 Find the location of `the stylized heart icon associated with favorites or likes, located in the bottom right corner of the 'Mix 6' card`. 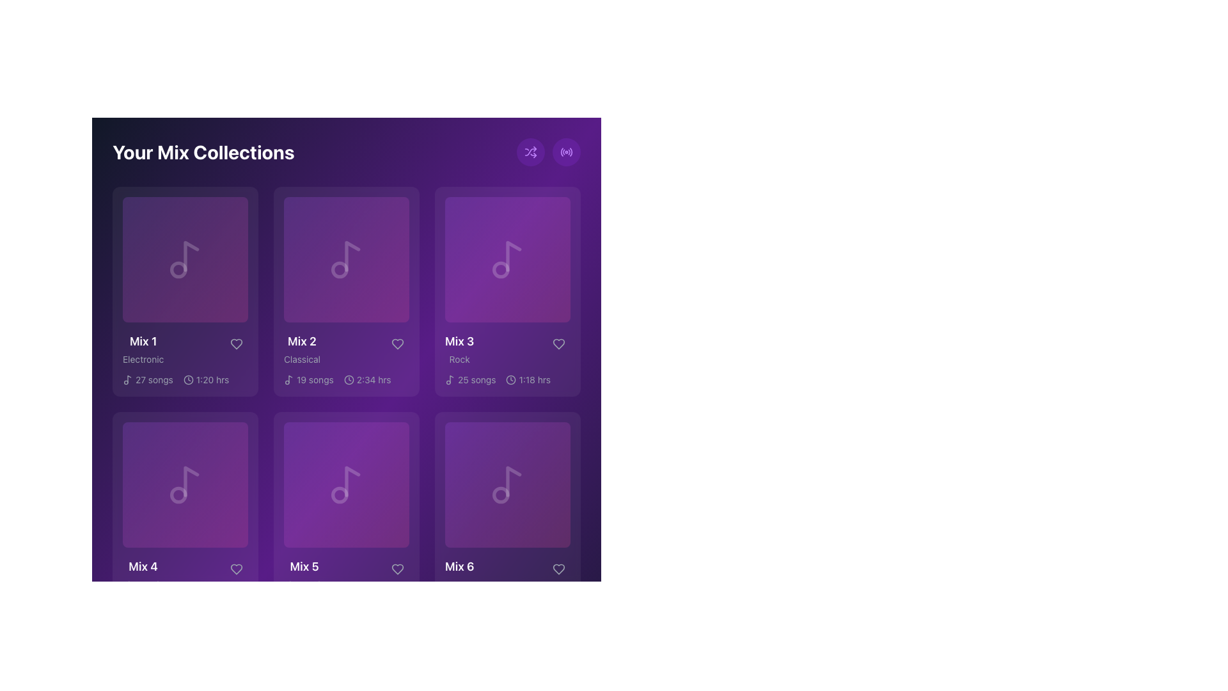

the stylized heart icon associated with favorites or likes, located in the bottom right corner of the 'Mix 6' card is located at coordinates (558, 569).